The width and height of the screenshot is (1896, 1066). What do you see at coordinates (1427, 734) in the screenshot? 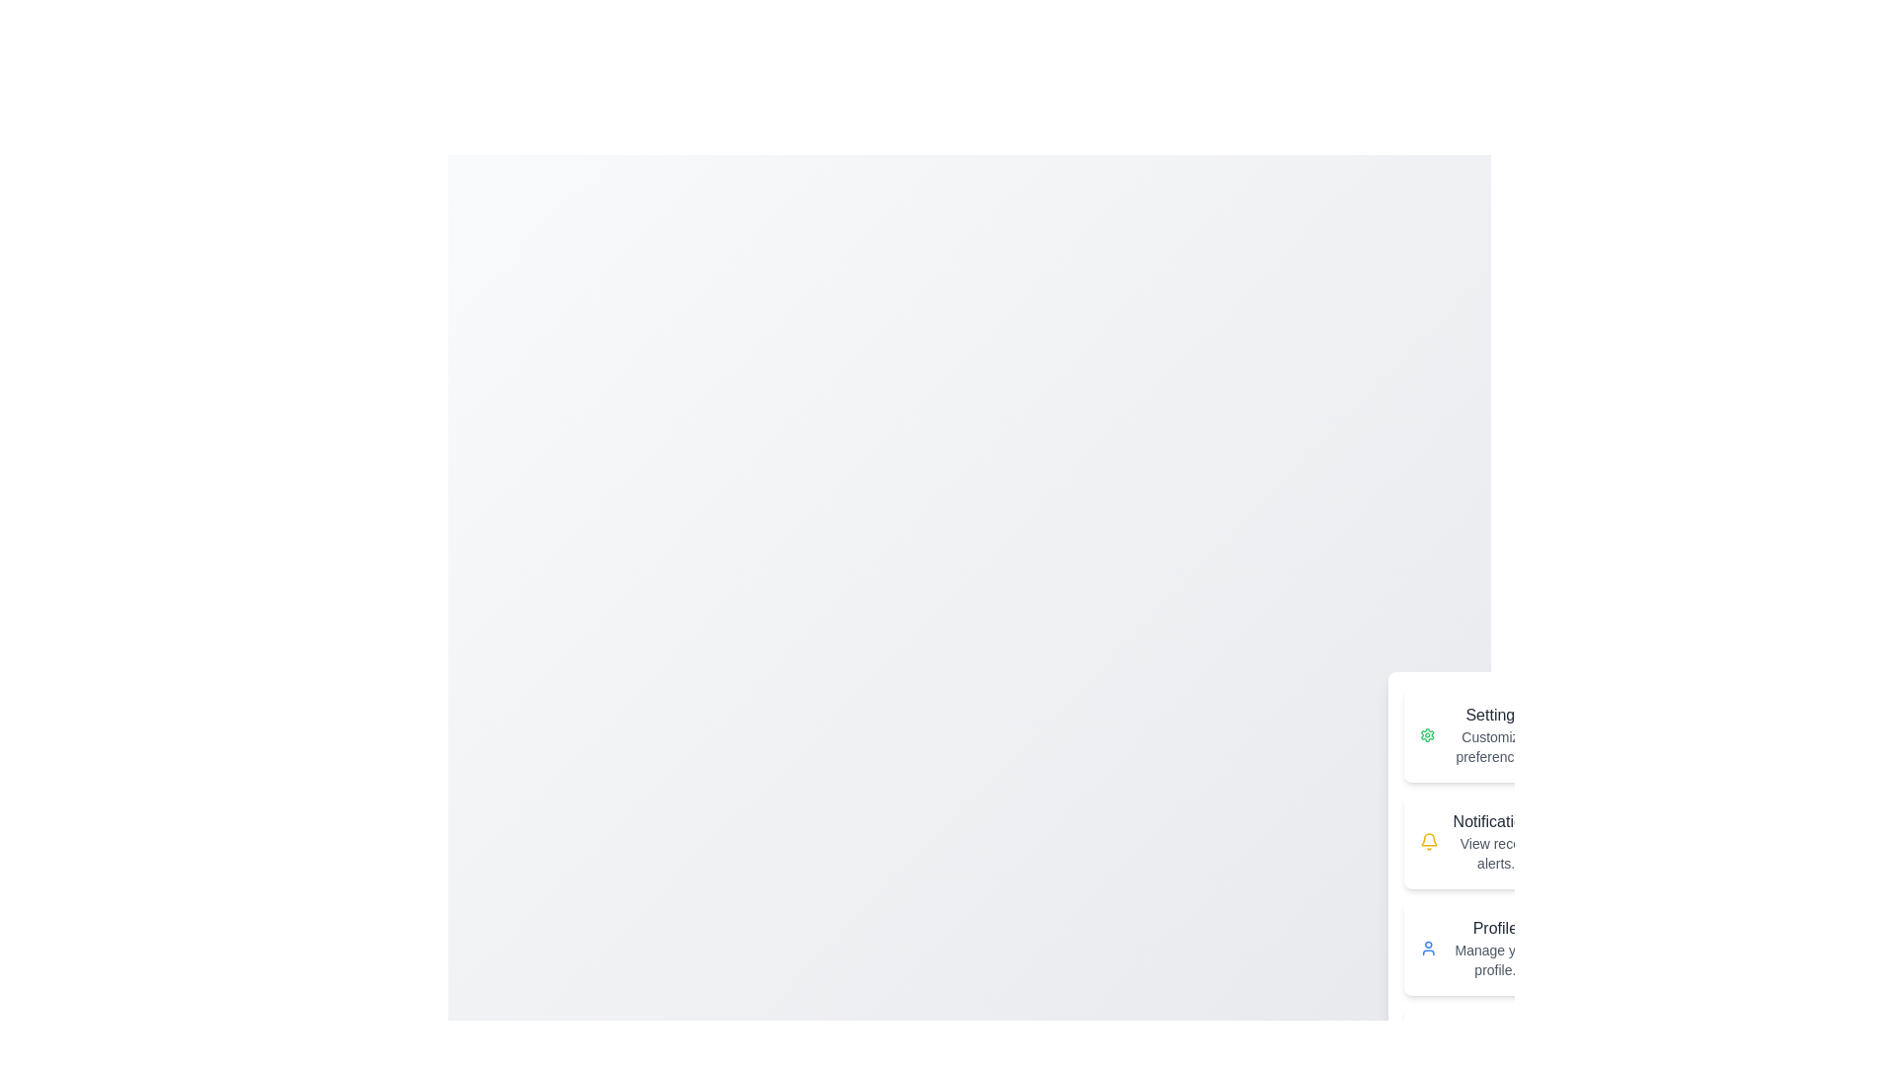
I see `the Settings icon in the speed dial menu` at bounding box center [1427, 734].